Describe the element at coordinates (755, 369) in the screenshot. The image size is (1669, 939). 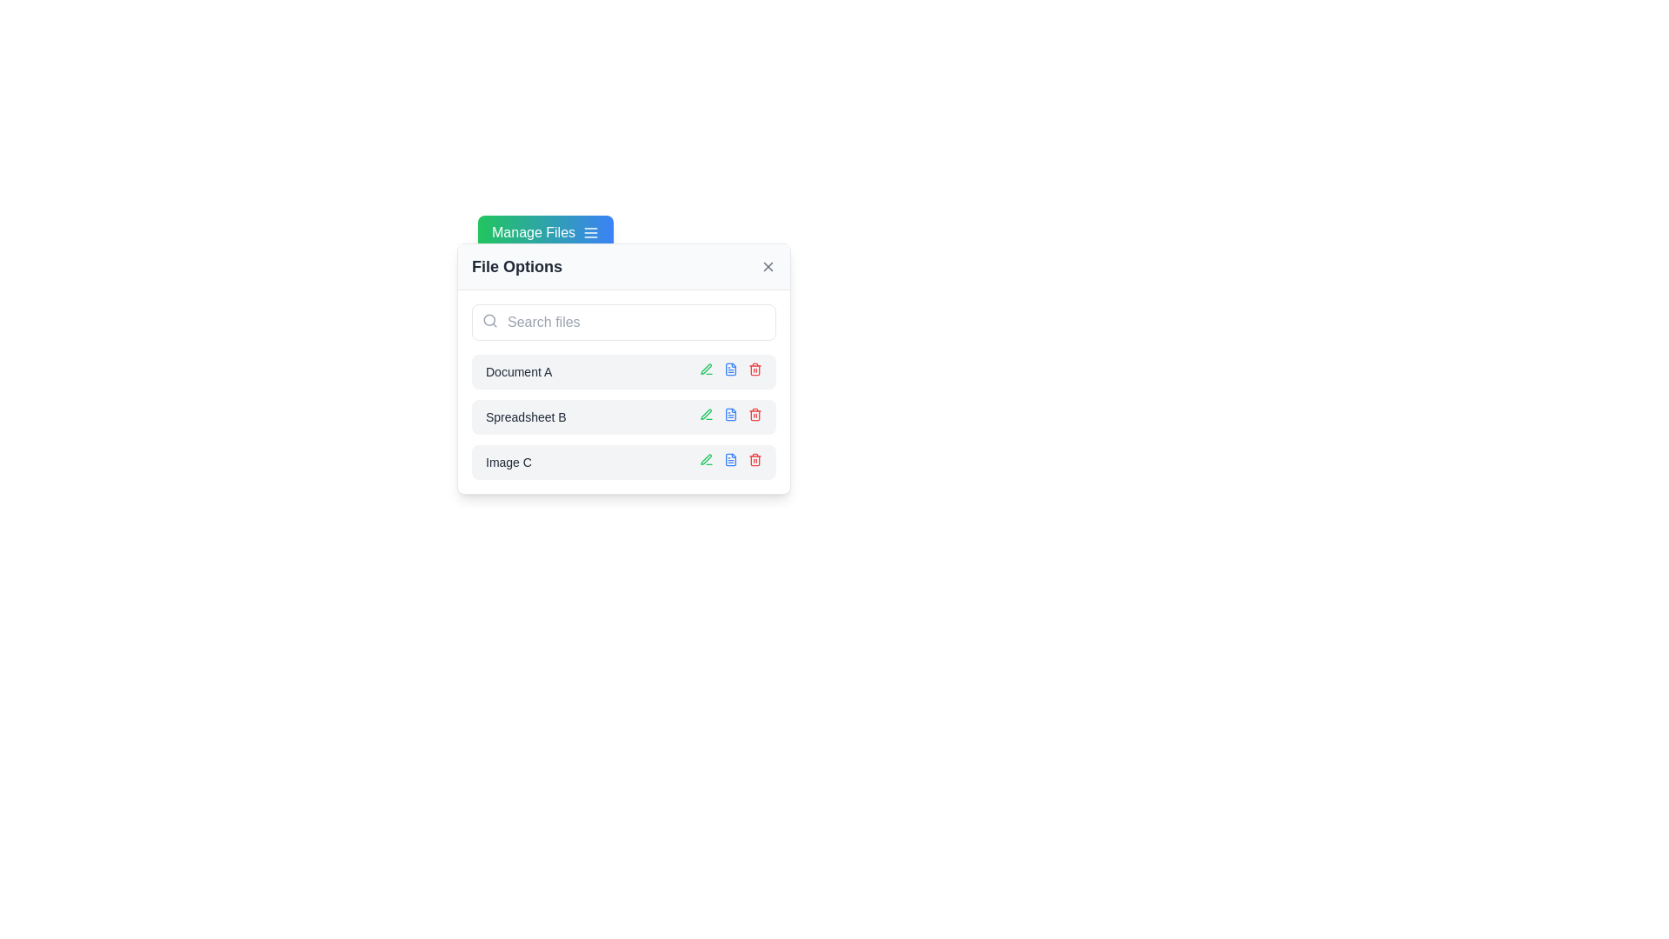
I see `the main body of the trash can icon, which is represented by a rectangular outline with rounded edges, located centrally within the trash can icon in the 'File Options' menu` at that location.